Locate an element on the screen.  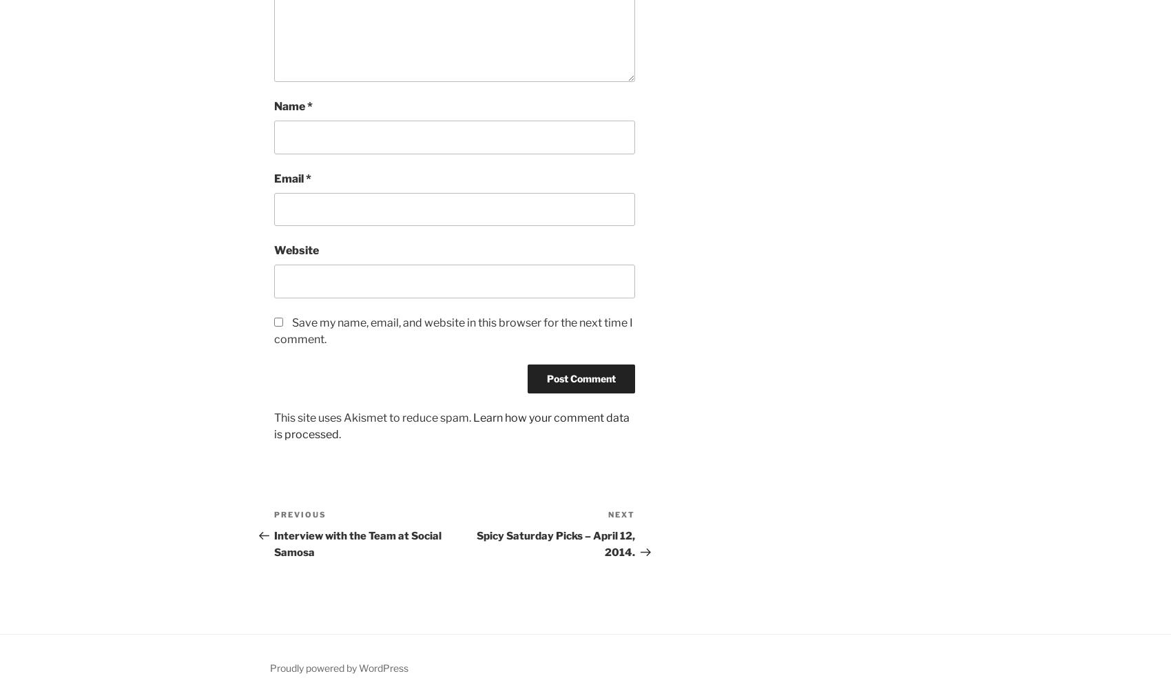
'Next' is located at coordinates (621, 513).